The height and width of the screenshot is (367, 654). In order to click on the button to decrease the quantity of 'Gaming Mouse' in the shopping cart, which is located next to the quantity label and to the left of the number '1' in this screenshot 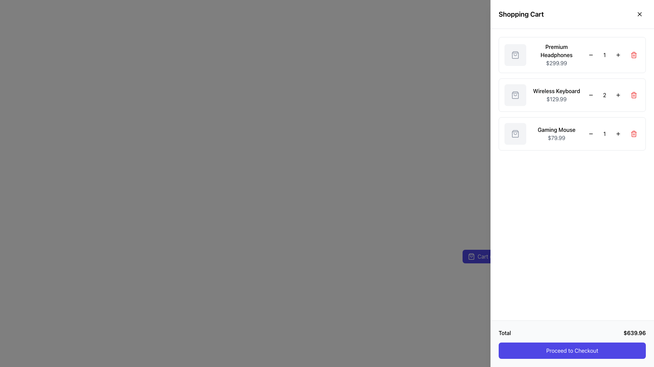, I will do `click(590, 134)`.